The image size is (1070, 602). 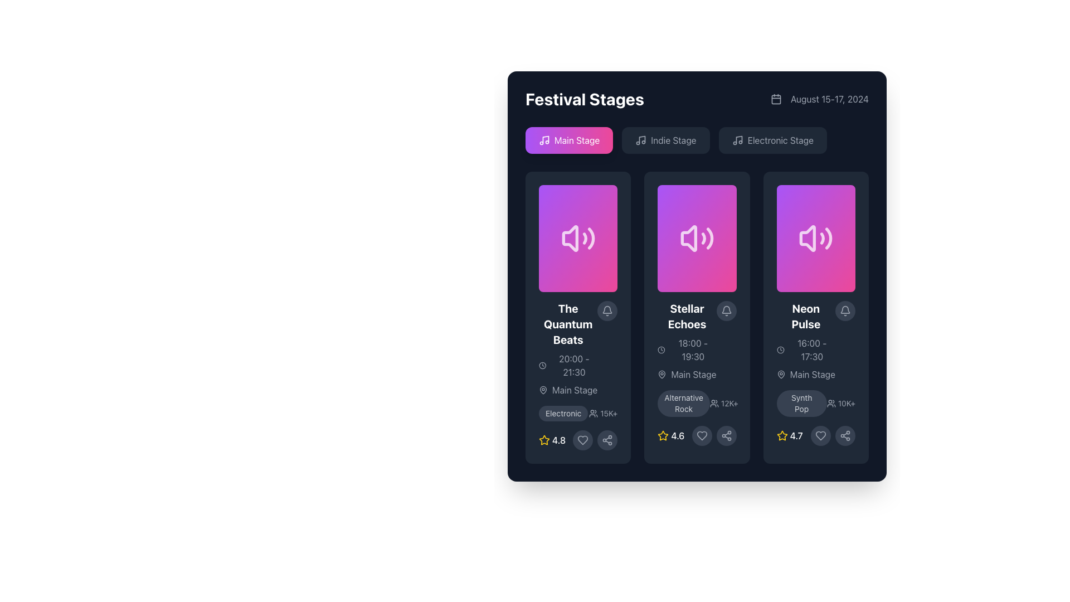 What do you see at coordinates (737, 139) in the screenshot?
I see `the 'Electronic Stage' icon, which is the third button from the left under the title 'Festival Stages'` at bounding box center [737, 139].